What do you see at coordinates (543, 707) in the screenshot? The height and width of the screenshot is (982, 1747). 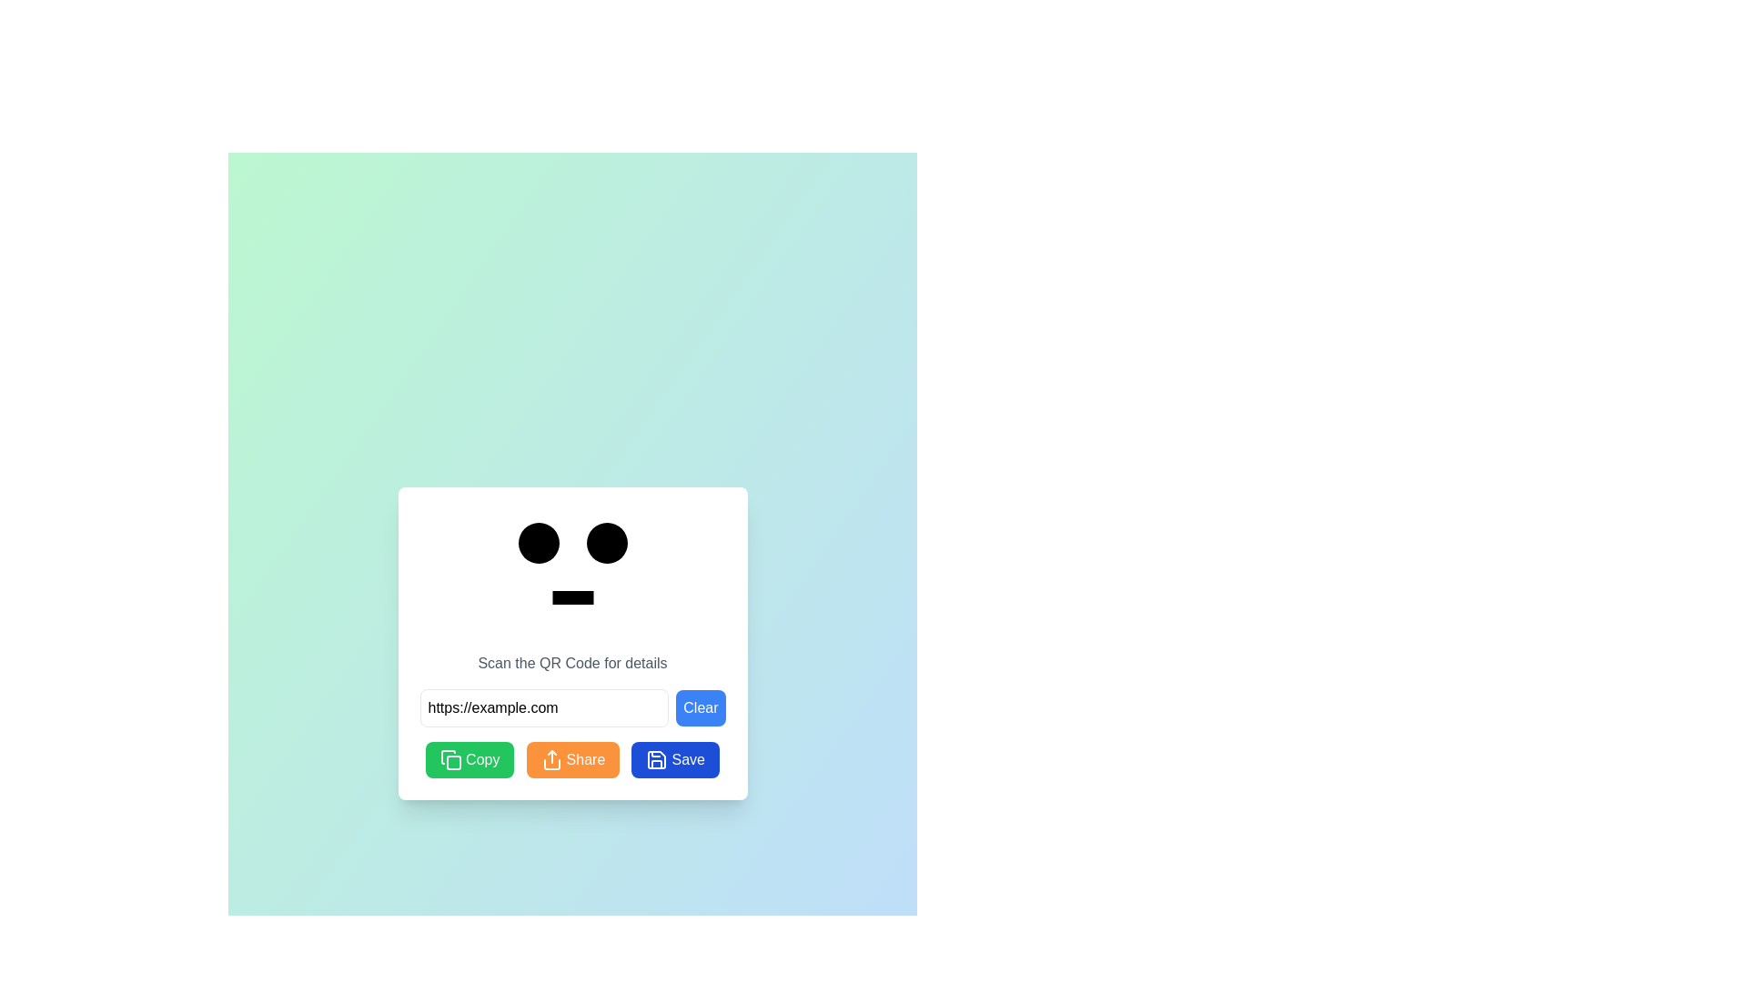 I see `the text input field with placeholder 'Enter URL here' to focus on it` at bounding box center [543, 707].